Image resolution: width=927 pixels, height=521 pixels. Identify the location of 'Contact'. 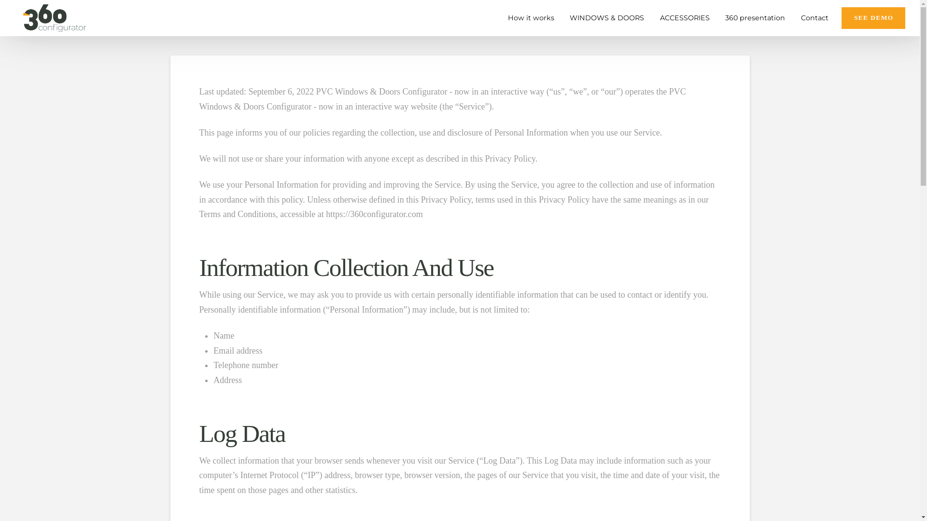
(813, 18).